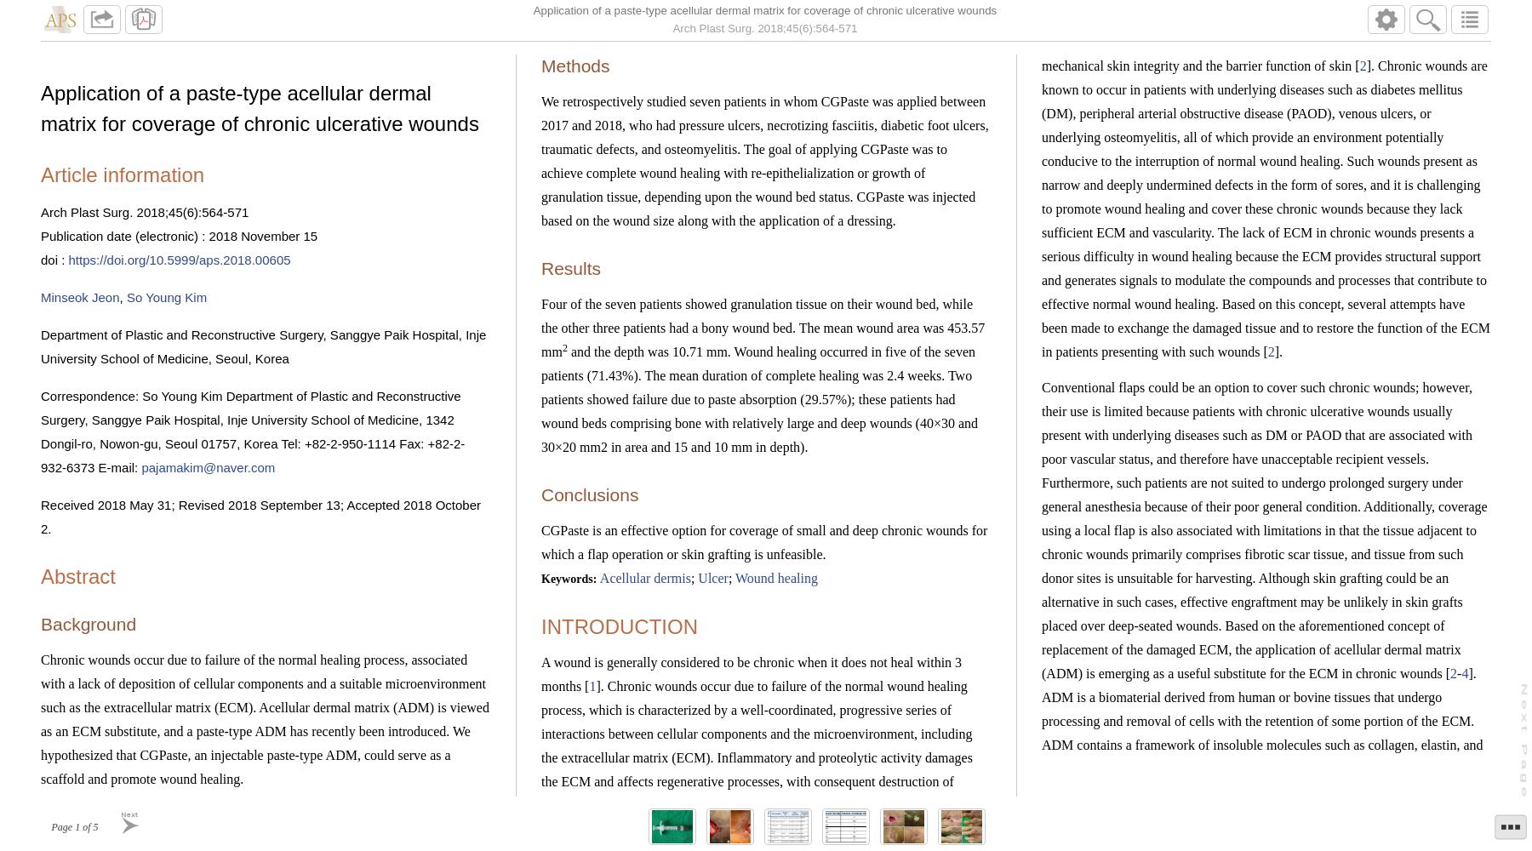 The width and height of the screenshot is (1532, 851). I want to click on 'CGPaste is an effective option for coverage of small and deep chronic wounds for which a flap operation or skin grafting is unfeasible.', so click(764, 541).